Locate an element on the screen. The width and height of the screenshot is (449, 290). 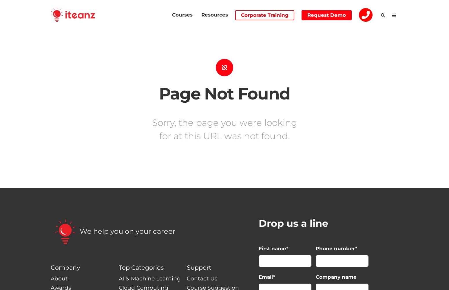
'We help you on your career' is located at coordinates (127, 231).